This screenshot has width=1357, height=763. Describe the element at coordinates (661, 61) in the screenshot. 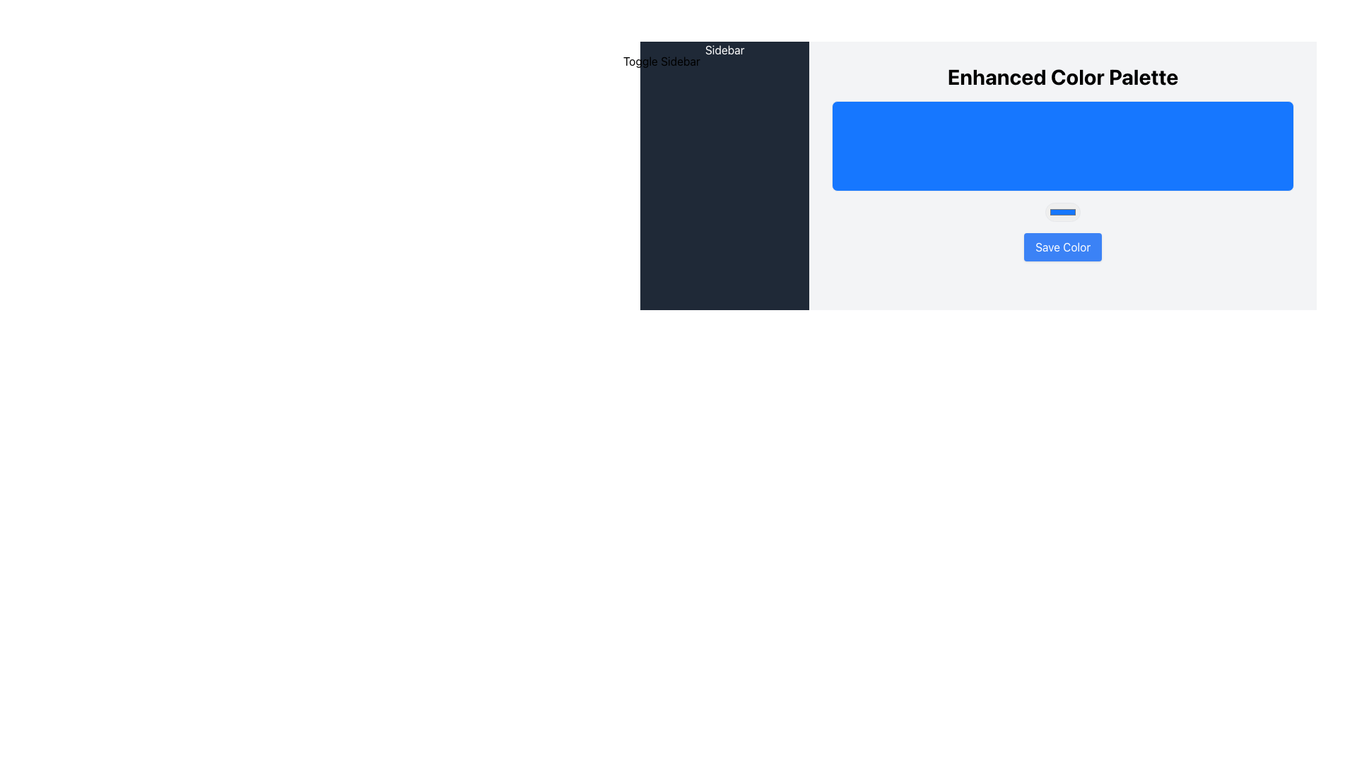

I see `the 'Toggle Sidebar' button located at the top left corner of the interface` at that location.